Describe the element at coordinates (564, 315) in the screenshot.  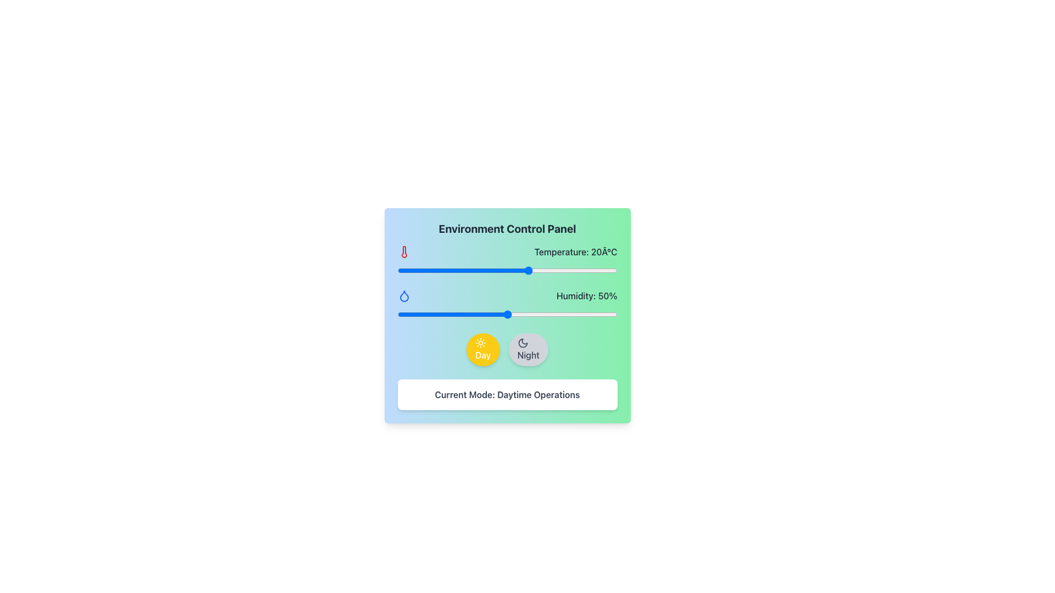
I see `the humidity level` at that location.